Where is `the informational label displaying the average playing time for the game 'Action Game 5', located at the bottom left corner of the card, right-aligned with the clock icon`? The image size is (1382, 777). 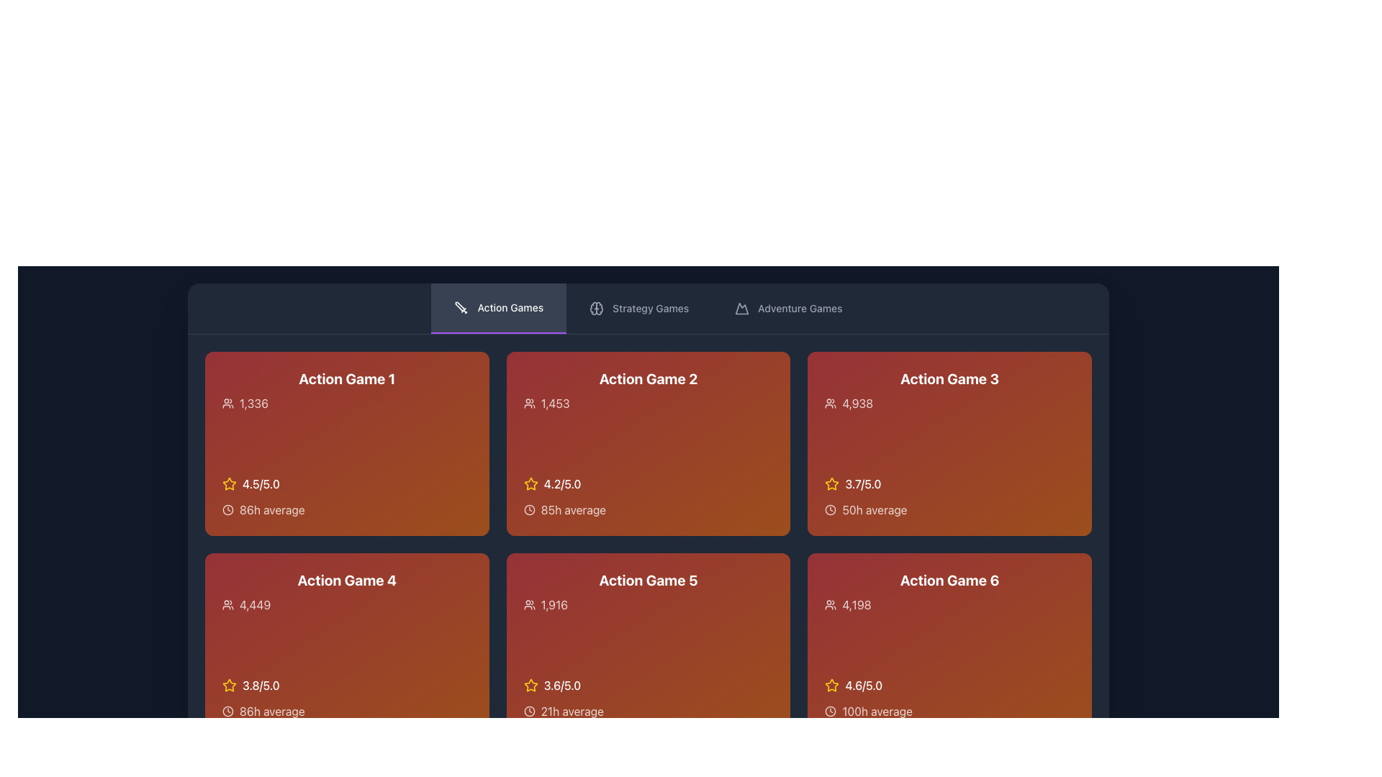
the informational label displaying the average playing time for the game 'Action Game 5', located at the bottom left corner of the card, right-aligned with the clock icon is located at coordinates (648, 710).